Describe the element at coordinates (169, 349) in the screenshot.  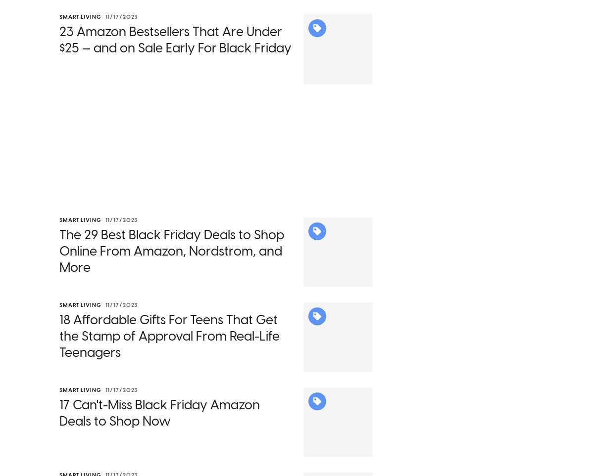
I see `'18 Affordable Gifts For Teens That Get the Stamp of Approval From Real-Life Teenagers'` at that location.